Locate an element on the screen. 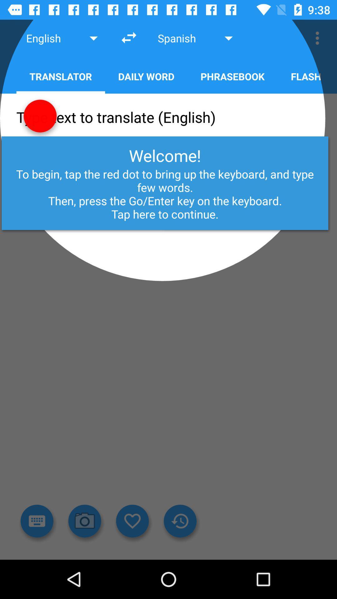 Image resolution: width=337 pixels, height=599 pixels. the favorite icon is located at coordinates (132, 521).